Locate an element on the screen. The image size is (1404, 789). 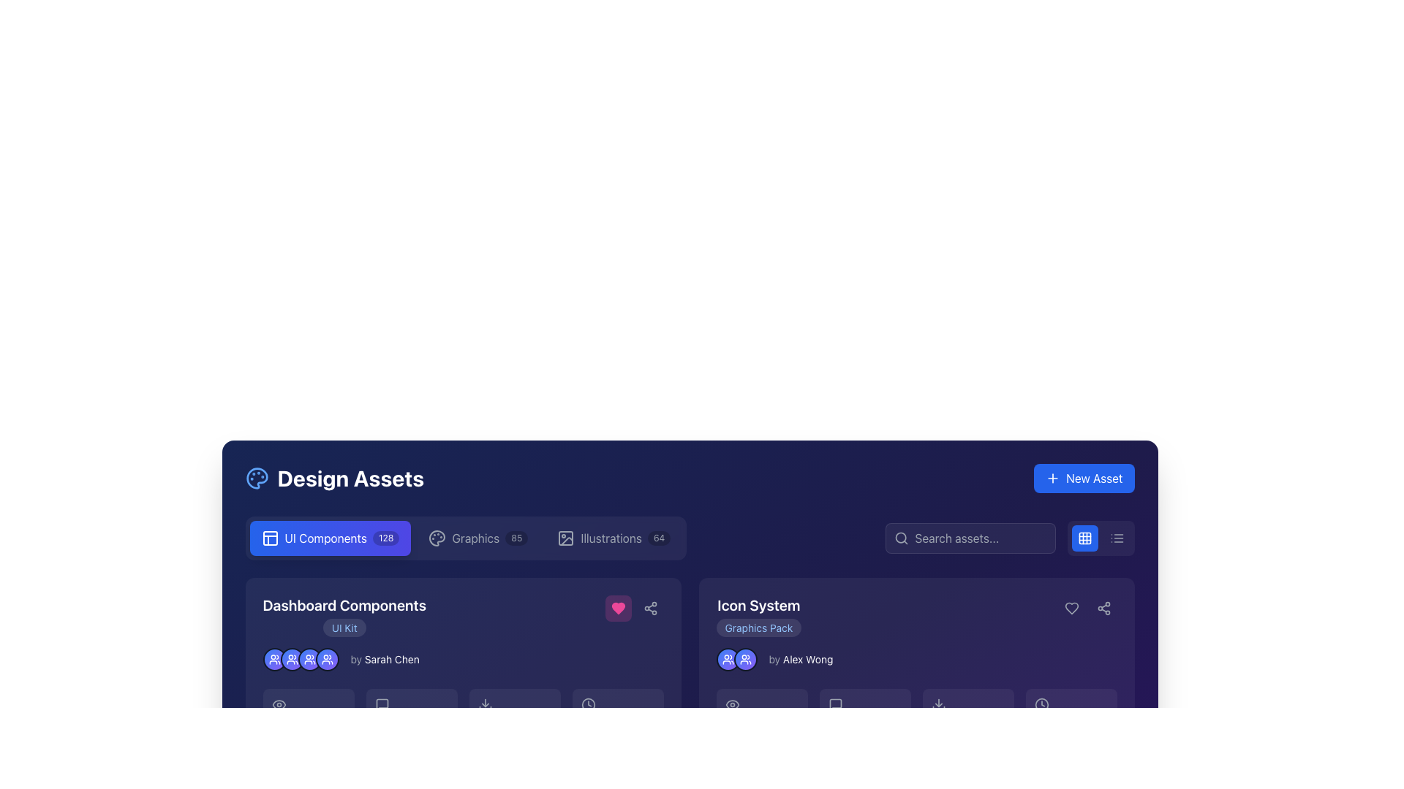
second Avatar icon in the horizontal group of user icons located in the lower portion of the 'Dashboard Components' card for additional information is located at coordinates (292, 659).